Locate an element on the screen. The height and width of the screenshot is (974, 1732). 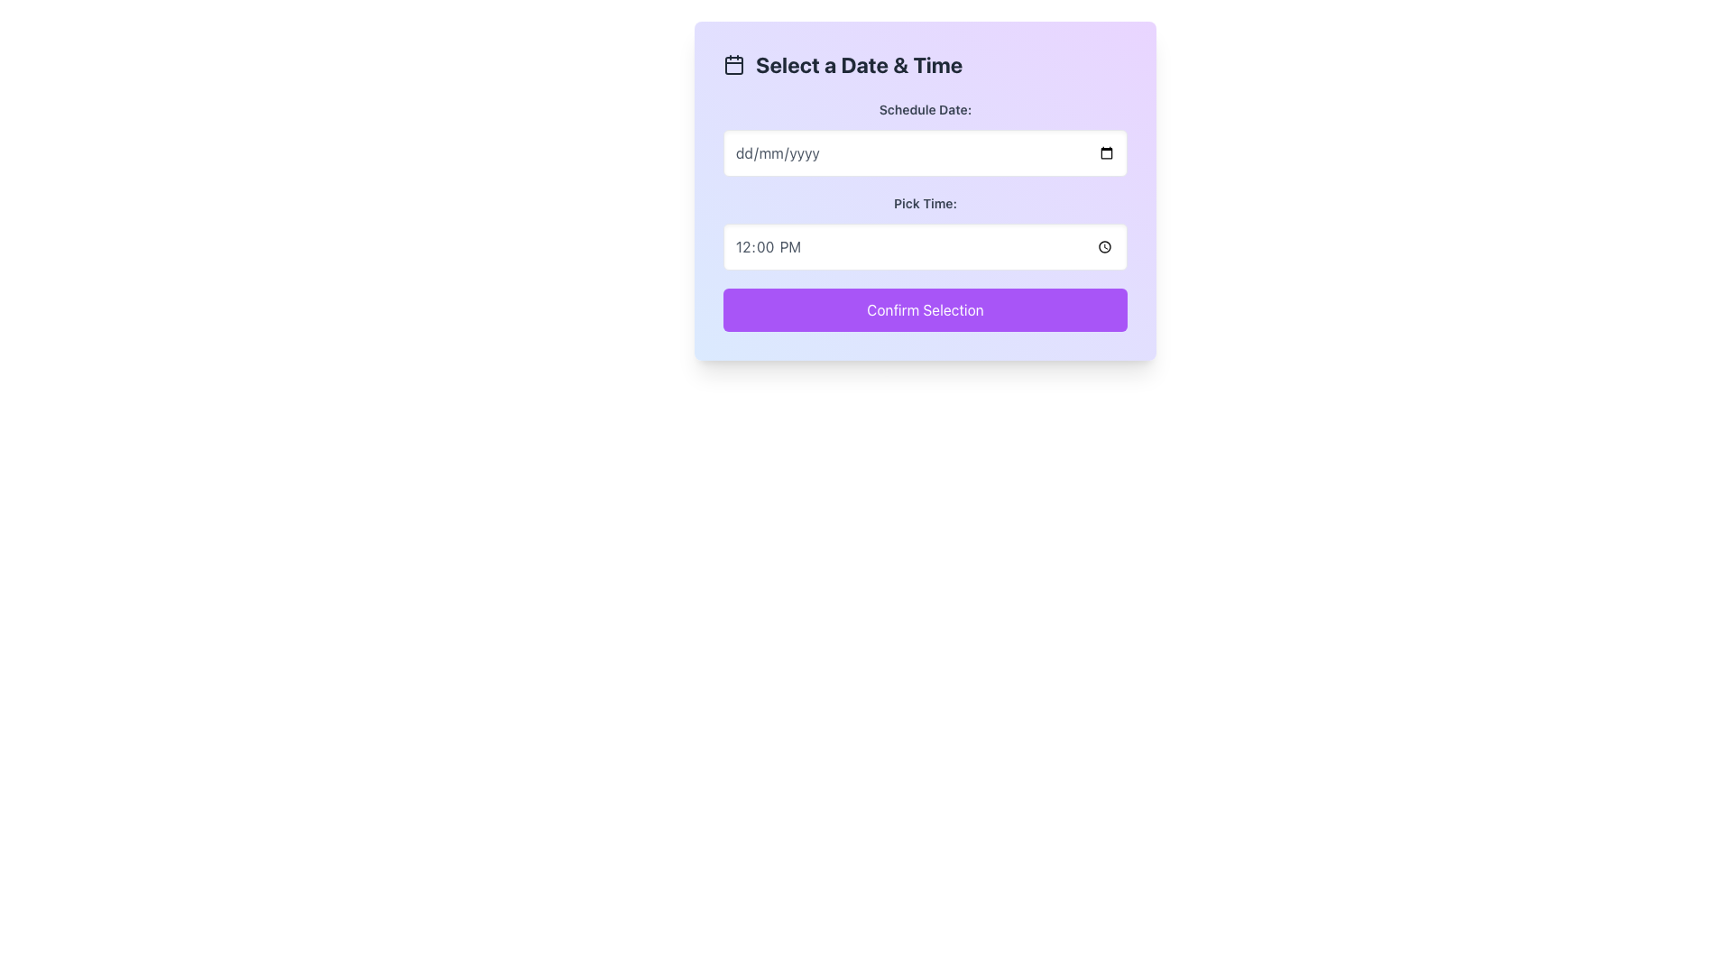
the Text label displaying 'Pick Time:' which is positioned below the 'Schedule Date:' label and above the time input field is located at coordinates (926, 203).